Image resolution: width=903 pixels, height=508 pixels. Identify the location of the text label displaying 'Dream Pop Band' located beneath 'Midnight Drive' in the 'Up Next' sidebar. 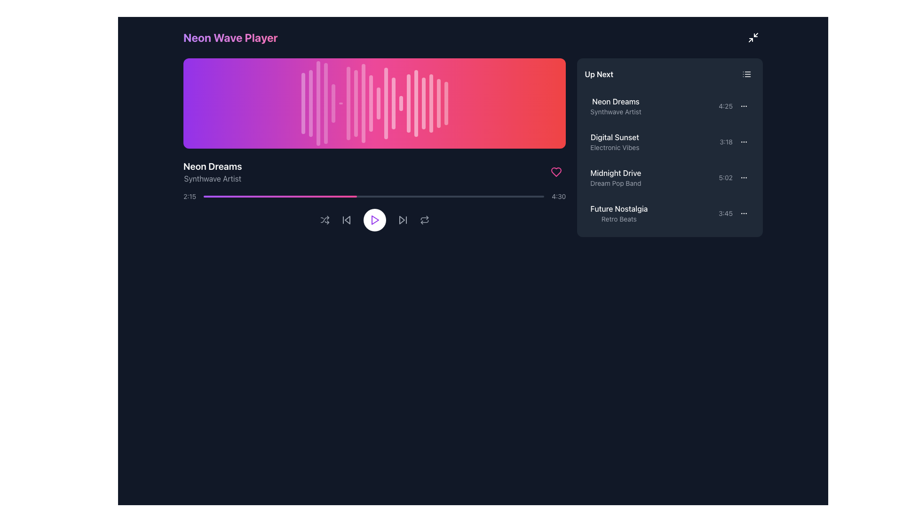
(616, 183).